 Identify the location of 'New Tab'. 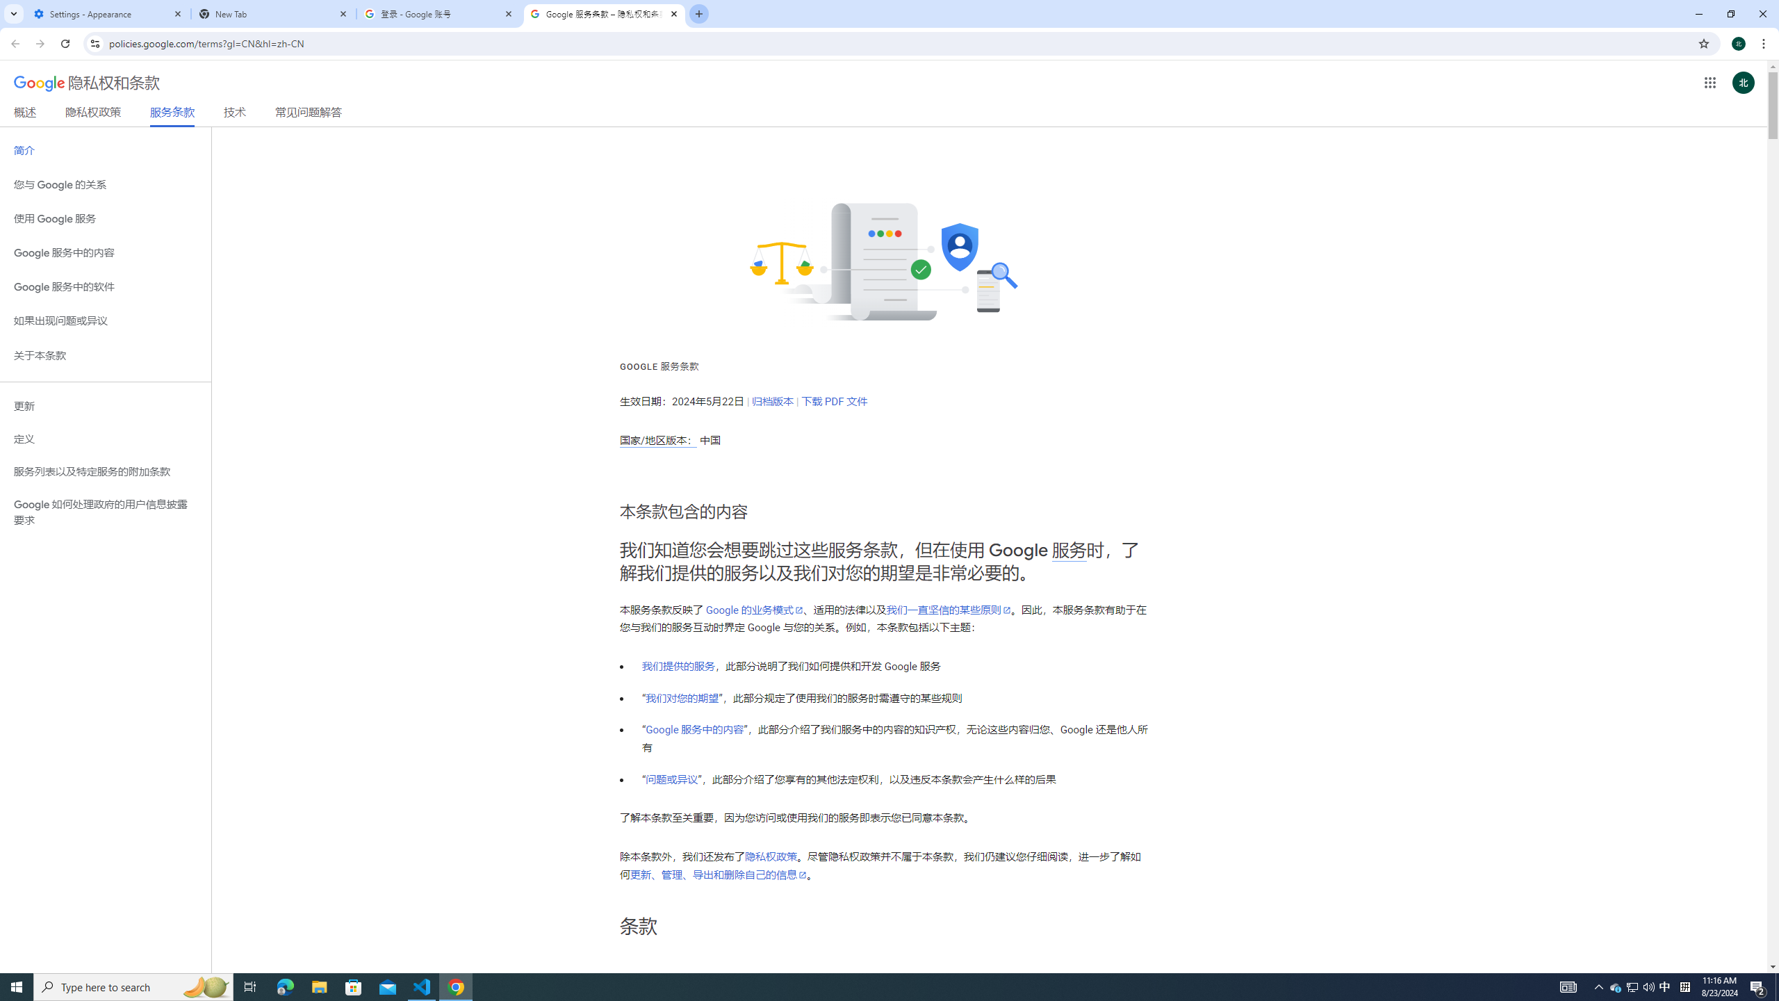
(274, 13).